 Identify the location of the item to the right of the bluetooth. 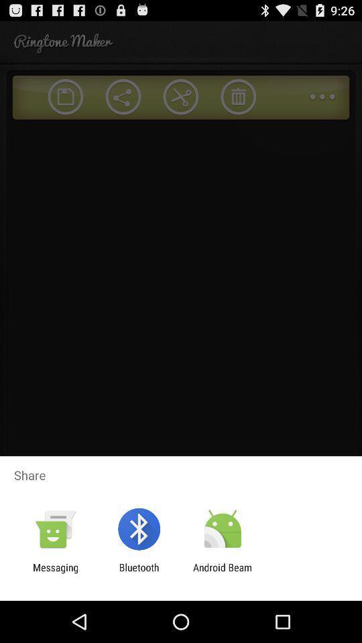
(223, 573).